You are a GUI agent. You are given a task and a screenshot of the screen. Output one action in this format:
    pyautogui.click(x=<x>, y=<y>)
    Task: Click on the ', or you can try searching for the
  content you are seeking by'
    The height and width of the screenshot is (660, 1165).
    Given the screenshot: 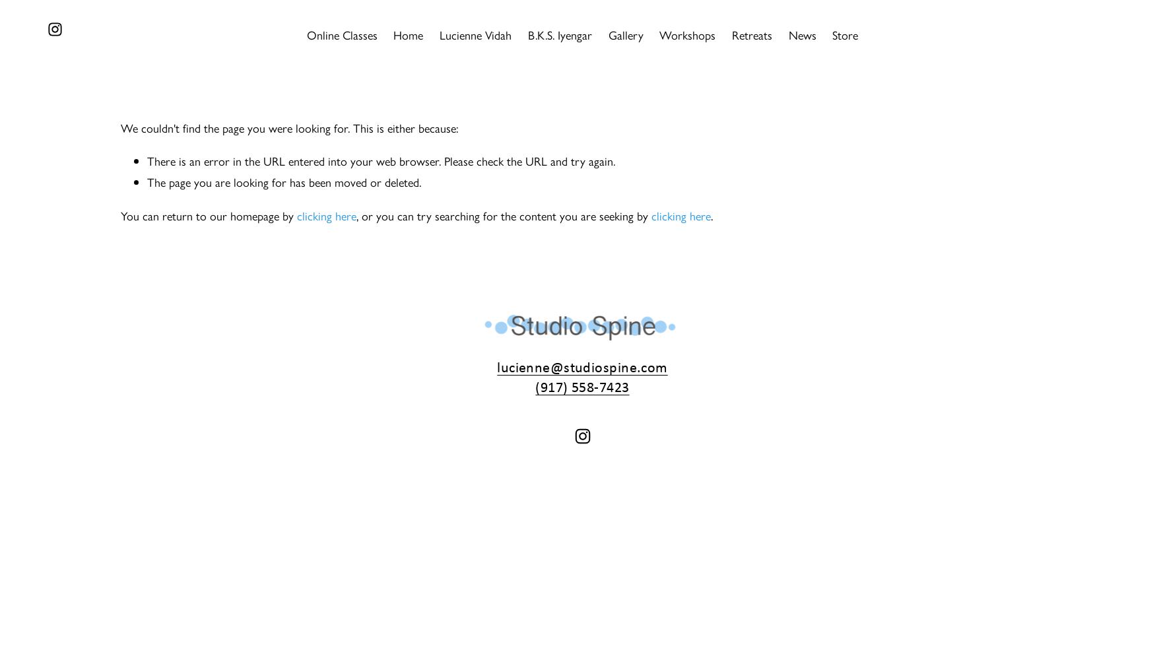 What is the action you would take?
    pyautogui.click(x=502, y=214)
    